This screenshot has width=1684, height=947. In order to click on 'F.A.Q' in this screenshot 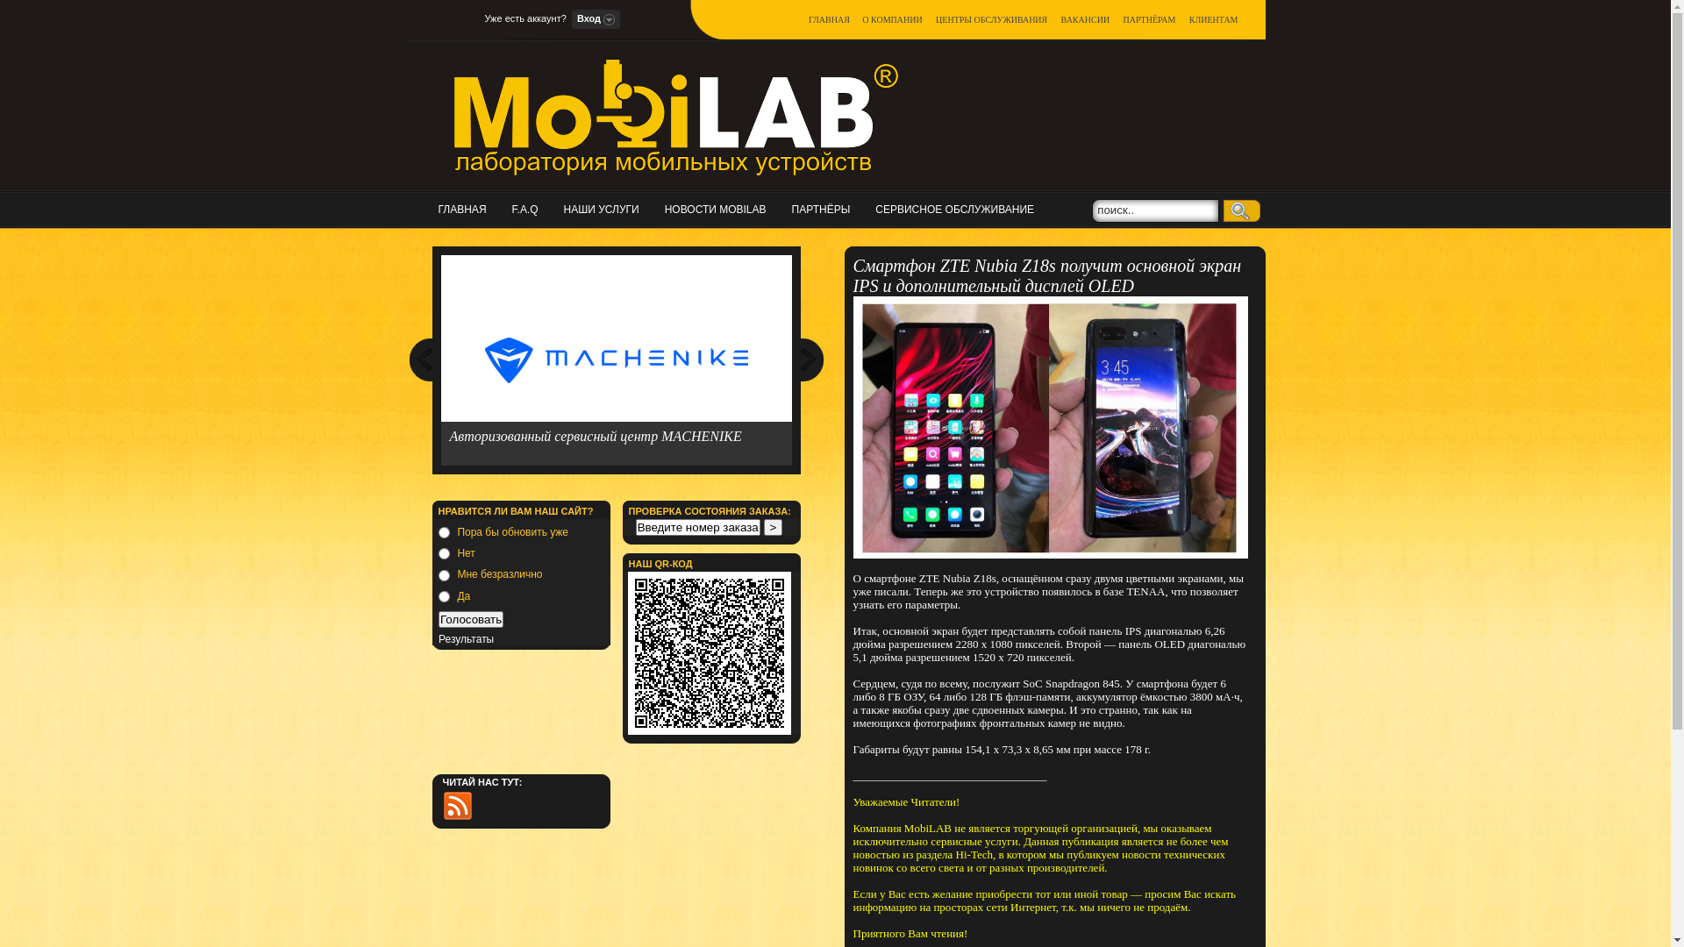, I will do `click(529, 208)`.